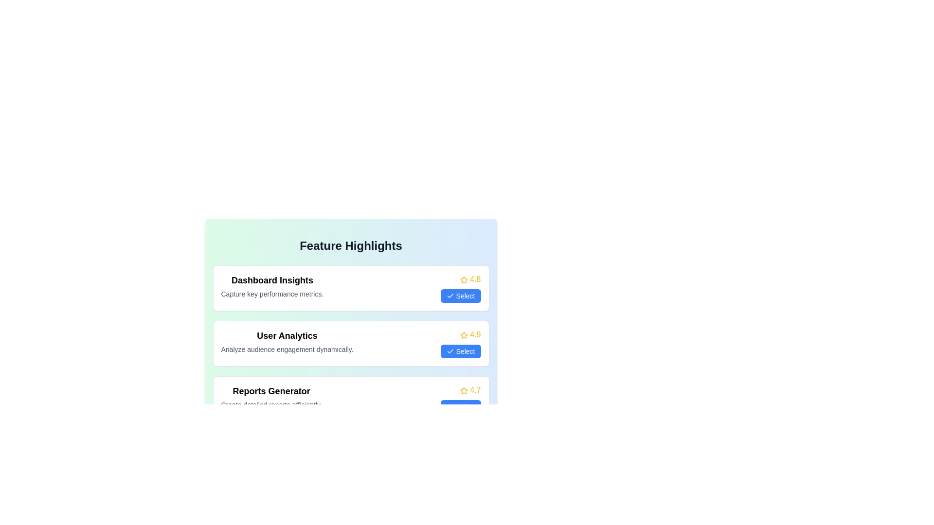  I want to click on the text of Dashboard Insights to read the full description, so click(272, 280).